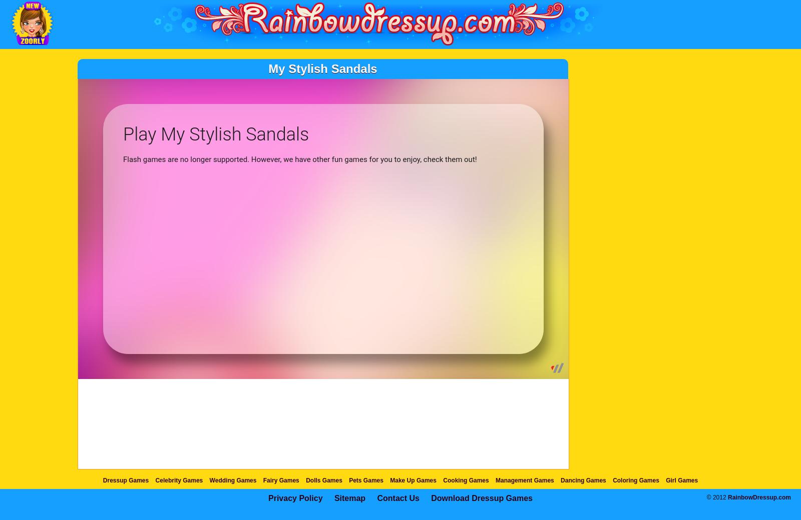 This screenshot has height=520, width=801. What do you see at coordinates (295, 498) in the screenshot?
I see `'Privacy Policy'` at bounding box center [295, 498].